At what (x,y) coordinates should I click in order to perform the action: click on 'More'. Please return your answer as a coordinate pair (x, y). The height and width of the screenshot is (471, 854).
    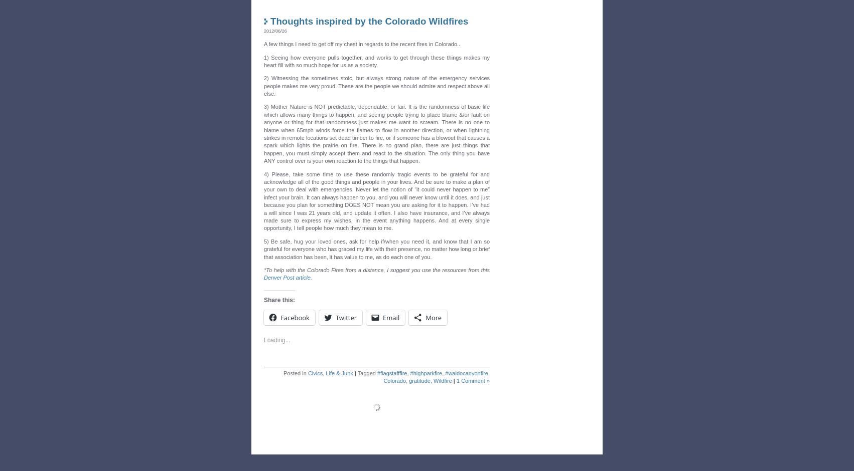
    Looking at the image, I should click on (433, 315).